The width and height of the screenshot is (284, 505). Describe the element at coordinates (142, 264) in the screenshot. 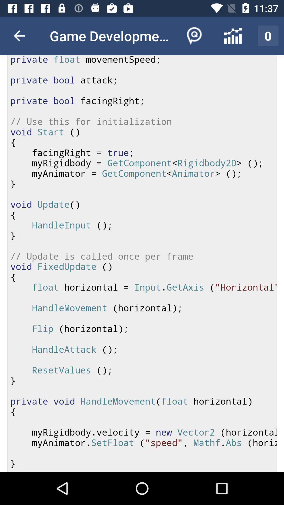

I see `program button` at that location.